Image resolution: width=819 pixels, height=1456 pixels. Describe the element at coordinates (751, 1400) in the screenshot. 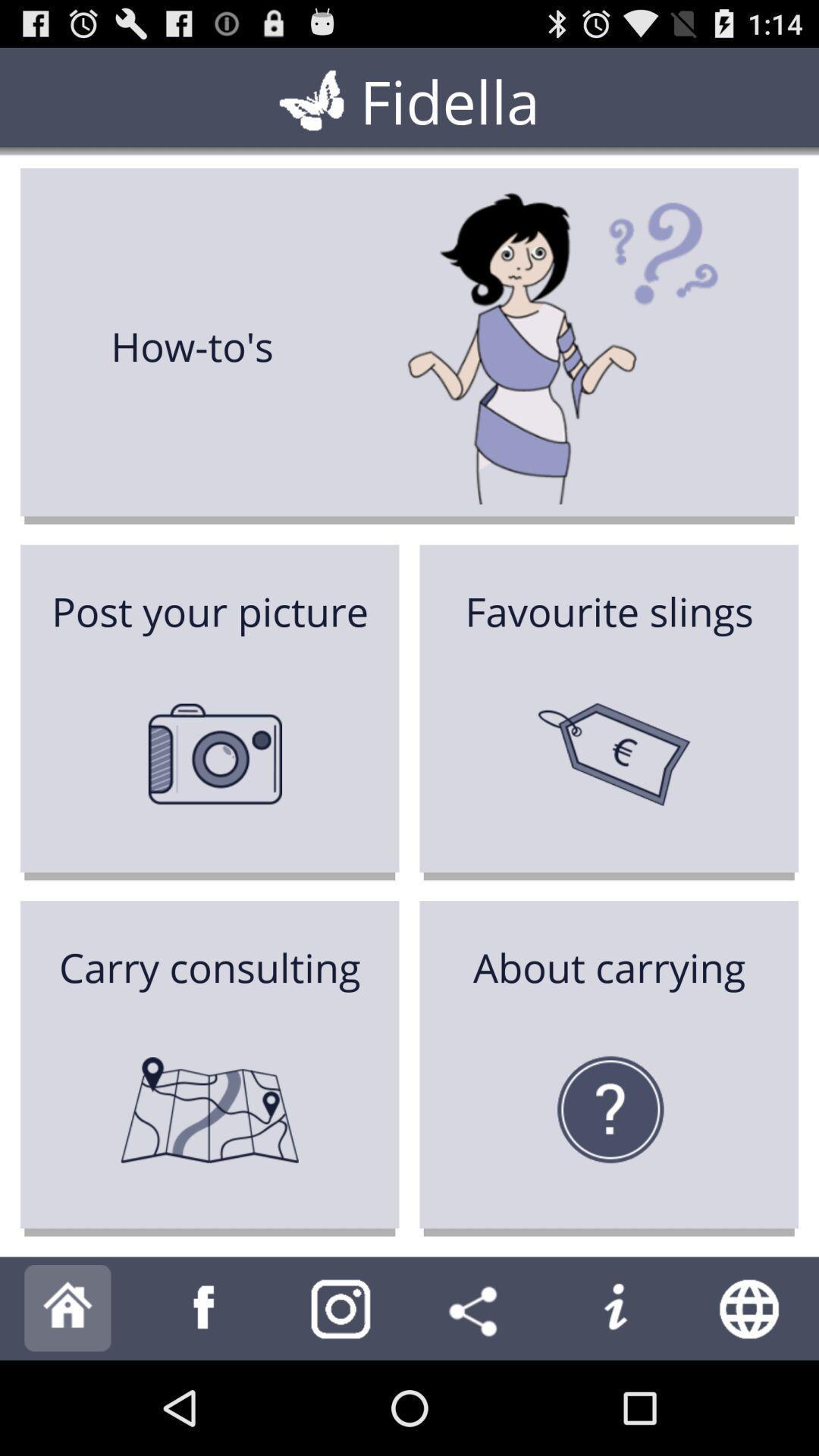

I see `the globe icon` at that location.